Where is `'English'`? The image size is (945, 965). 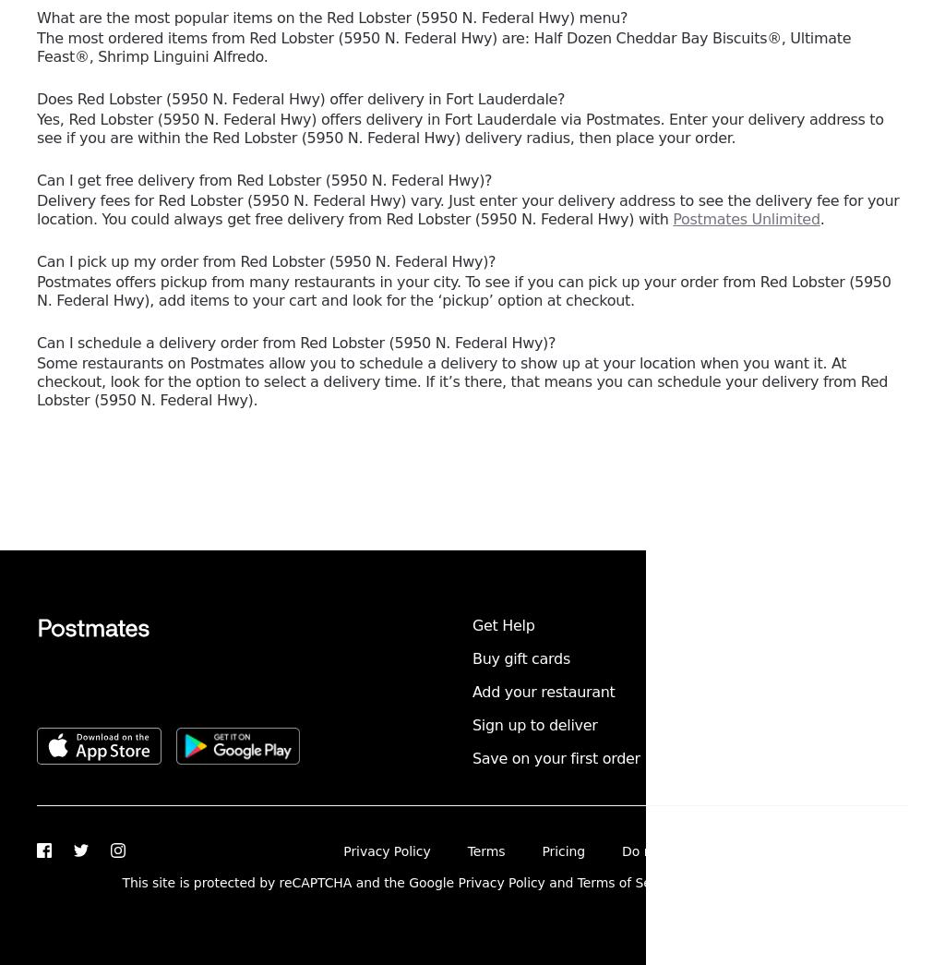 'English' is located at coordinates (712, 725).